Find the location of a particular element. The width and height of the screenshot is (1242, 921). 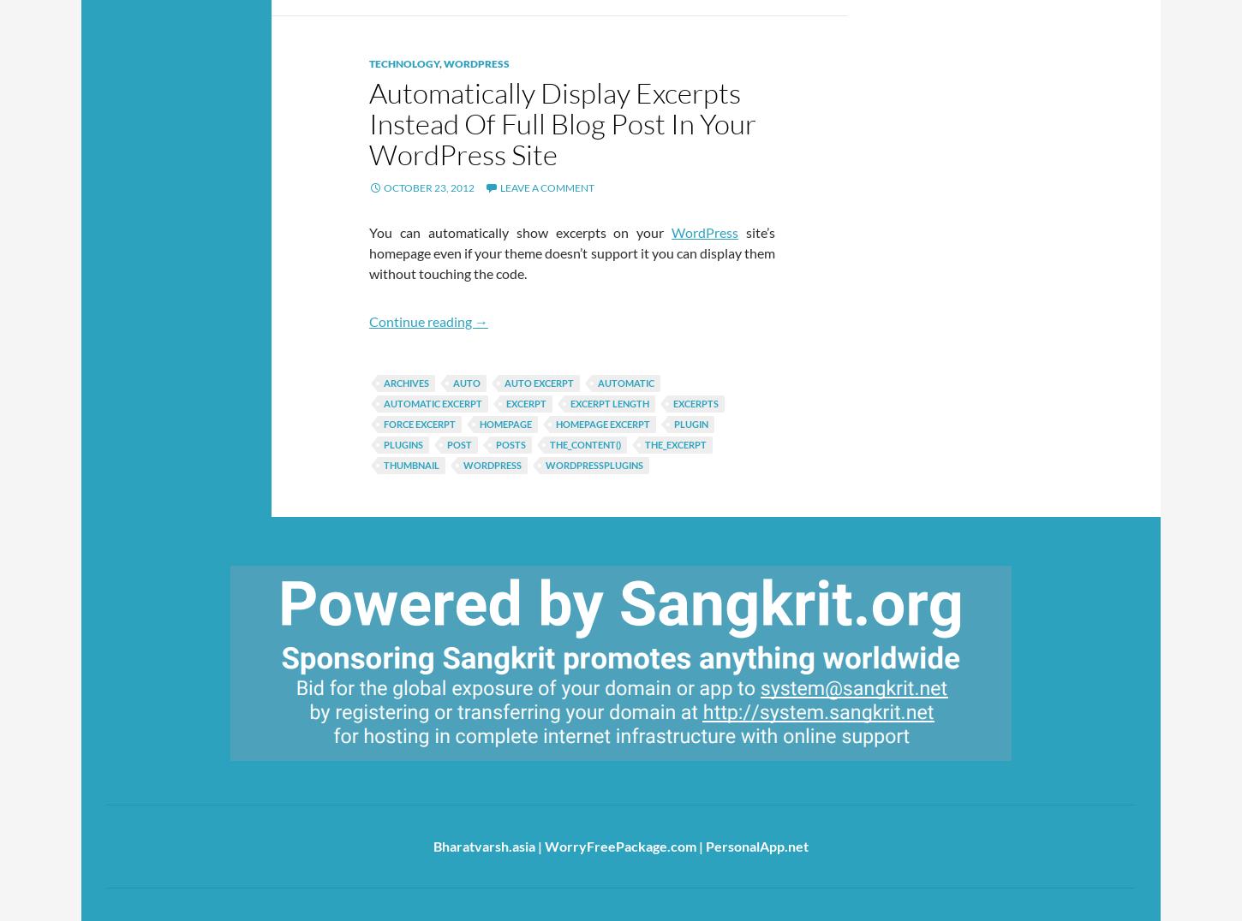

'Technology' is located at coordinates (403, 63).